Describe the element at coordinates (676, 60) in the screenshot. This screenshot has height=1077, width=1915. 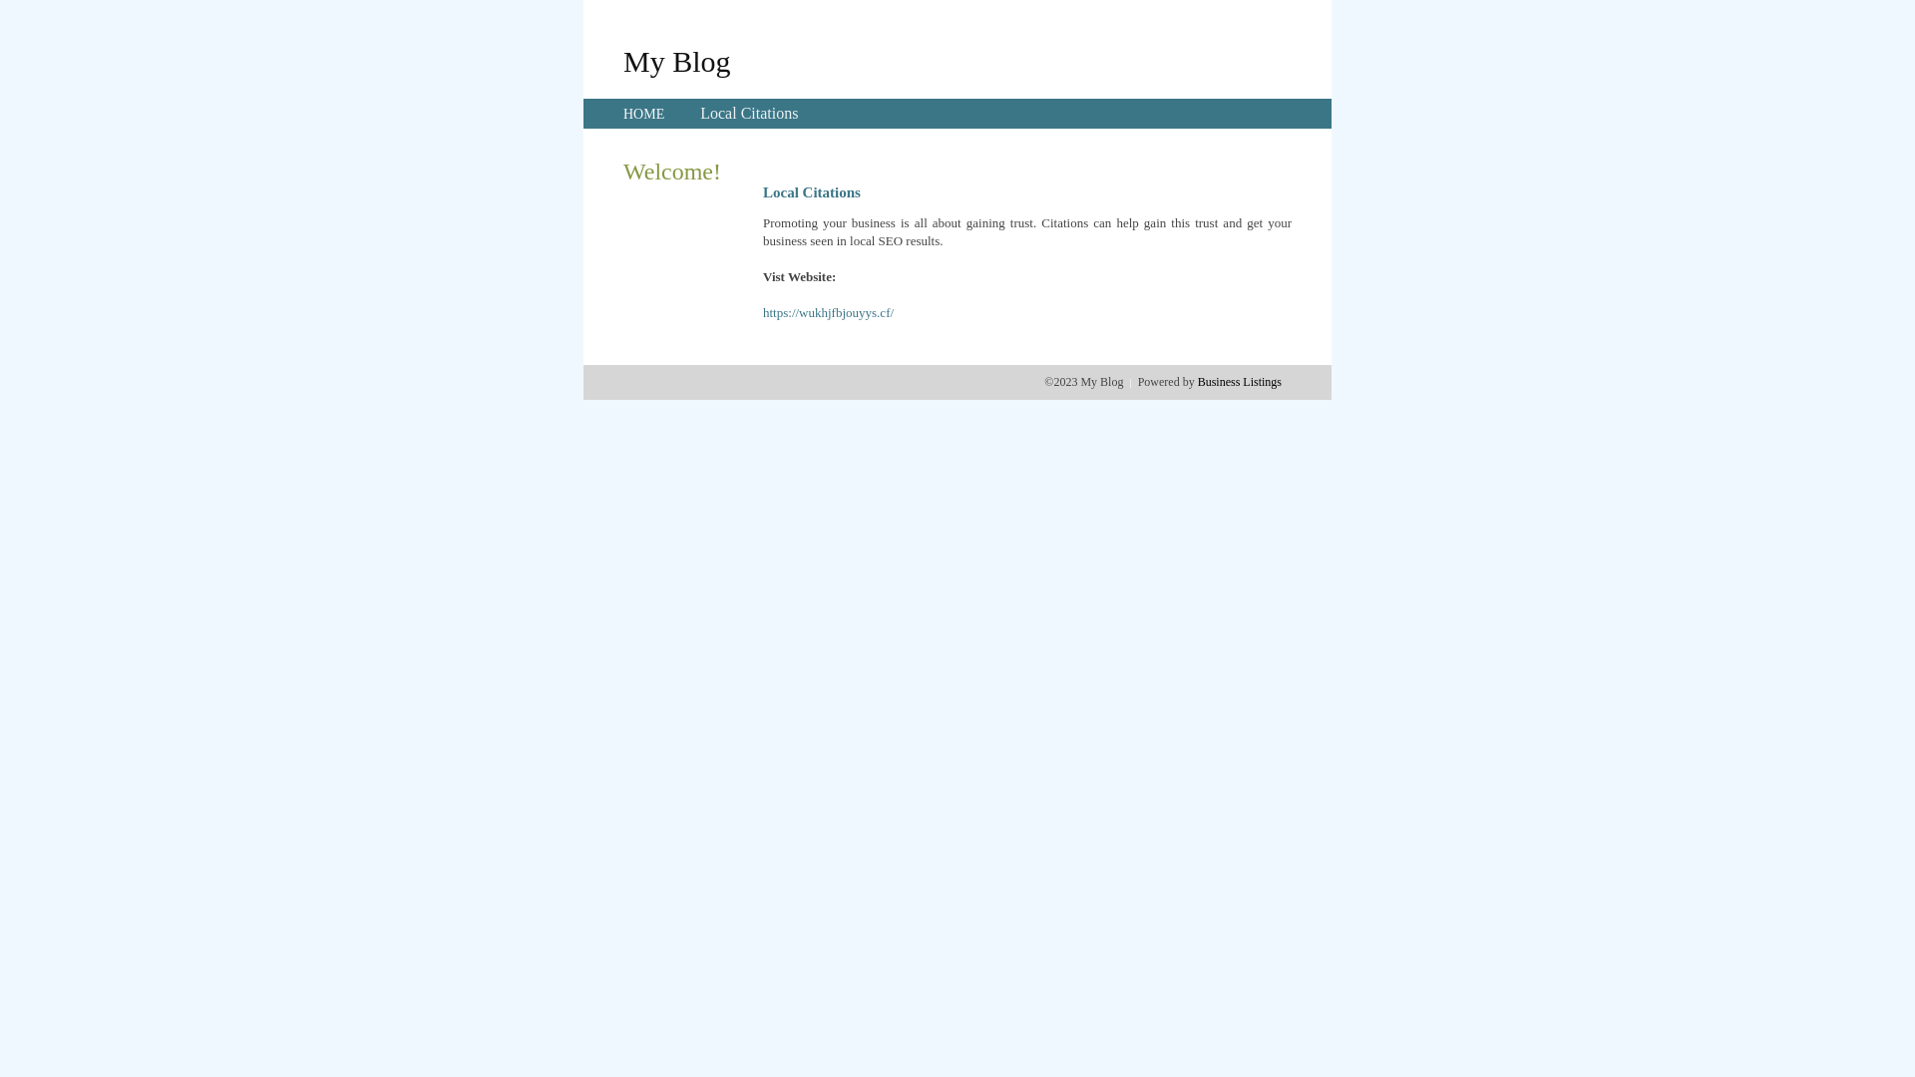
I see `'My Blog'` at that location.